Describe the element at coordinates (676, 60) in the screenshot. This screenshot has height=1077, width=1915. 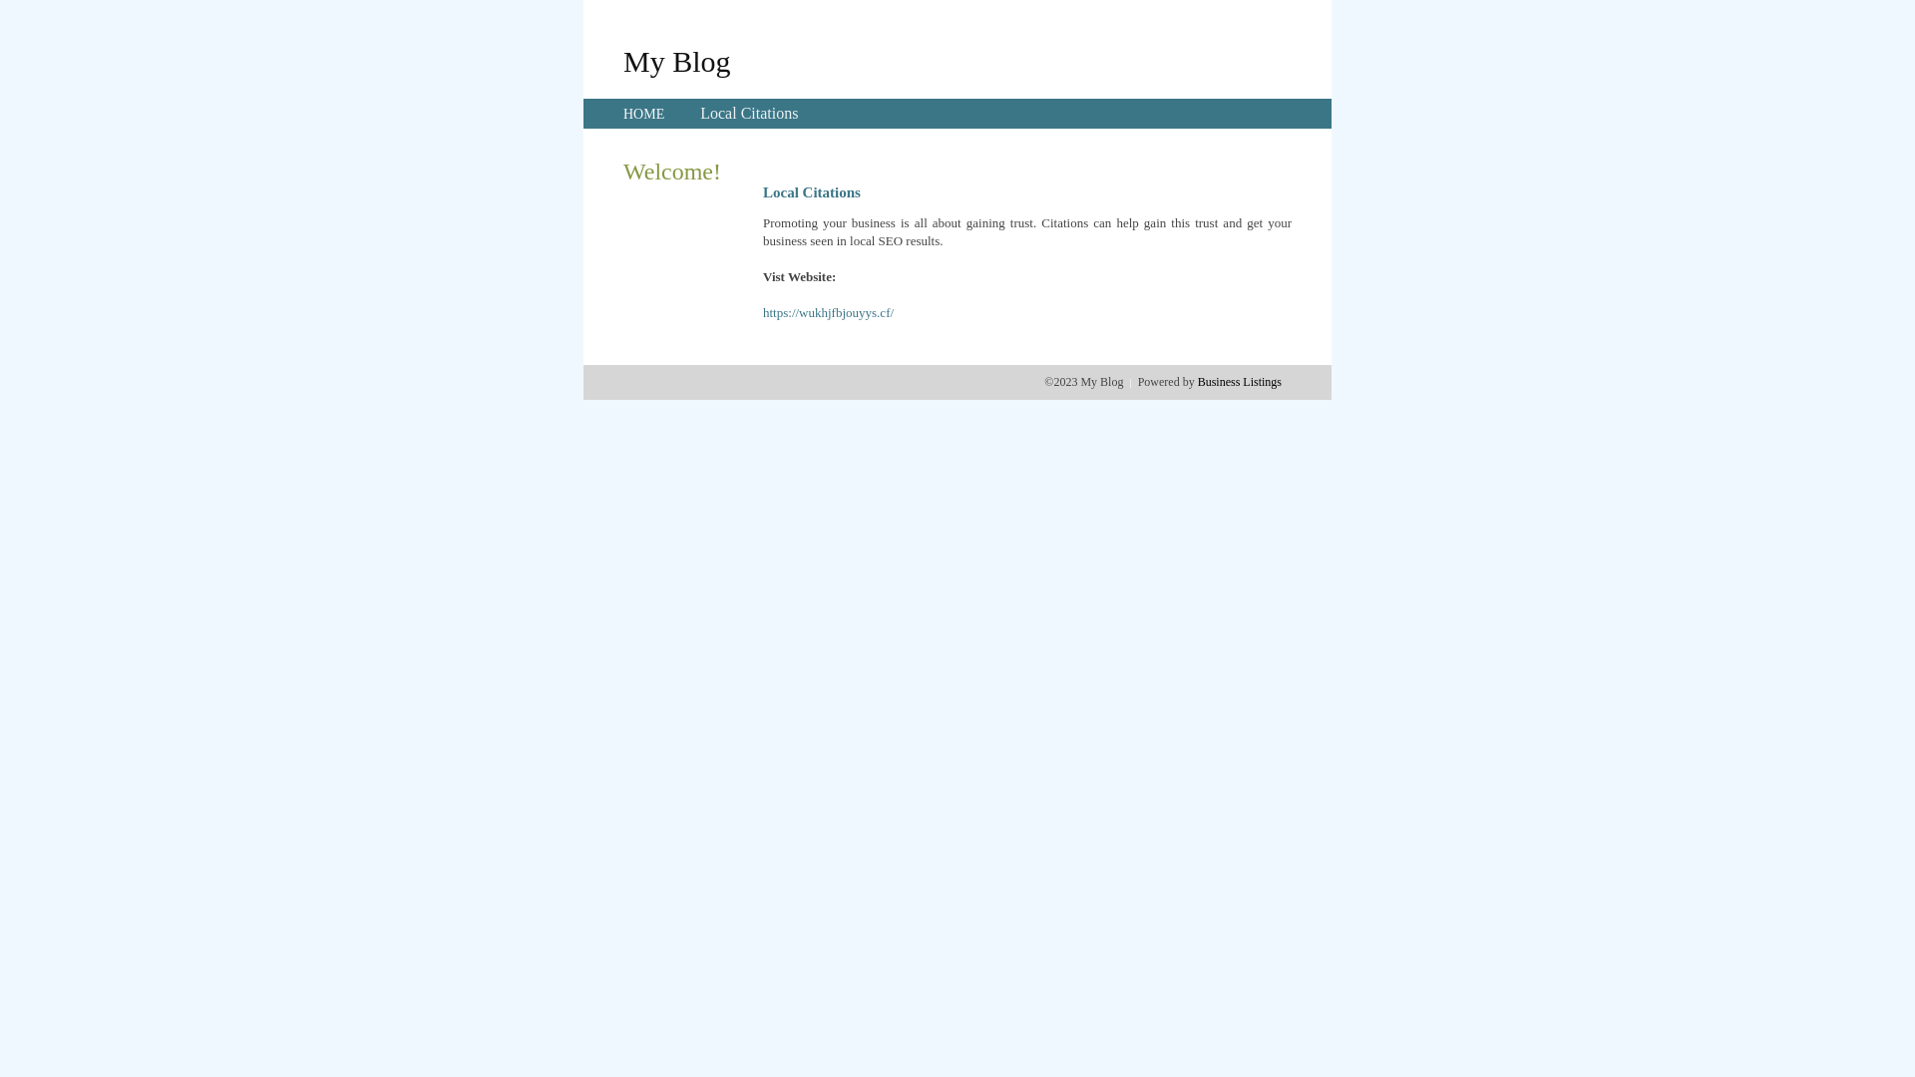
I see `'My Blog'` at that location.